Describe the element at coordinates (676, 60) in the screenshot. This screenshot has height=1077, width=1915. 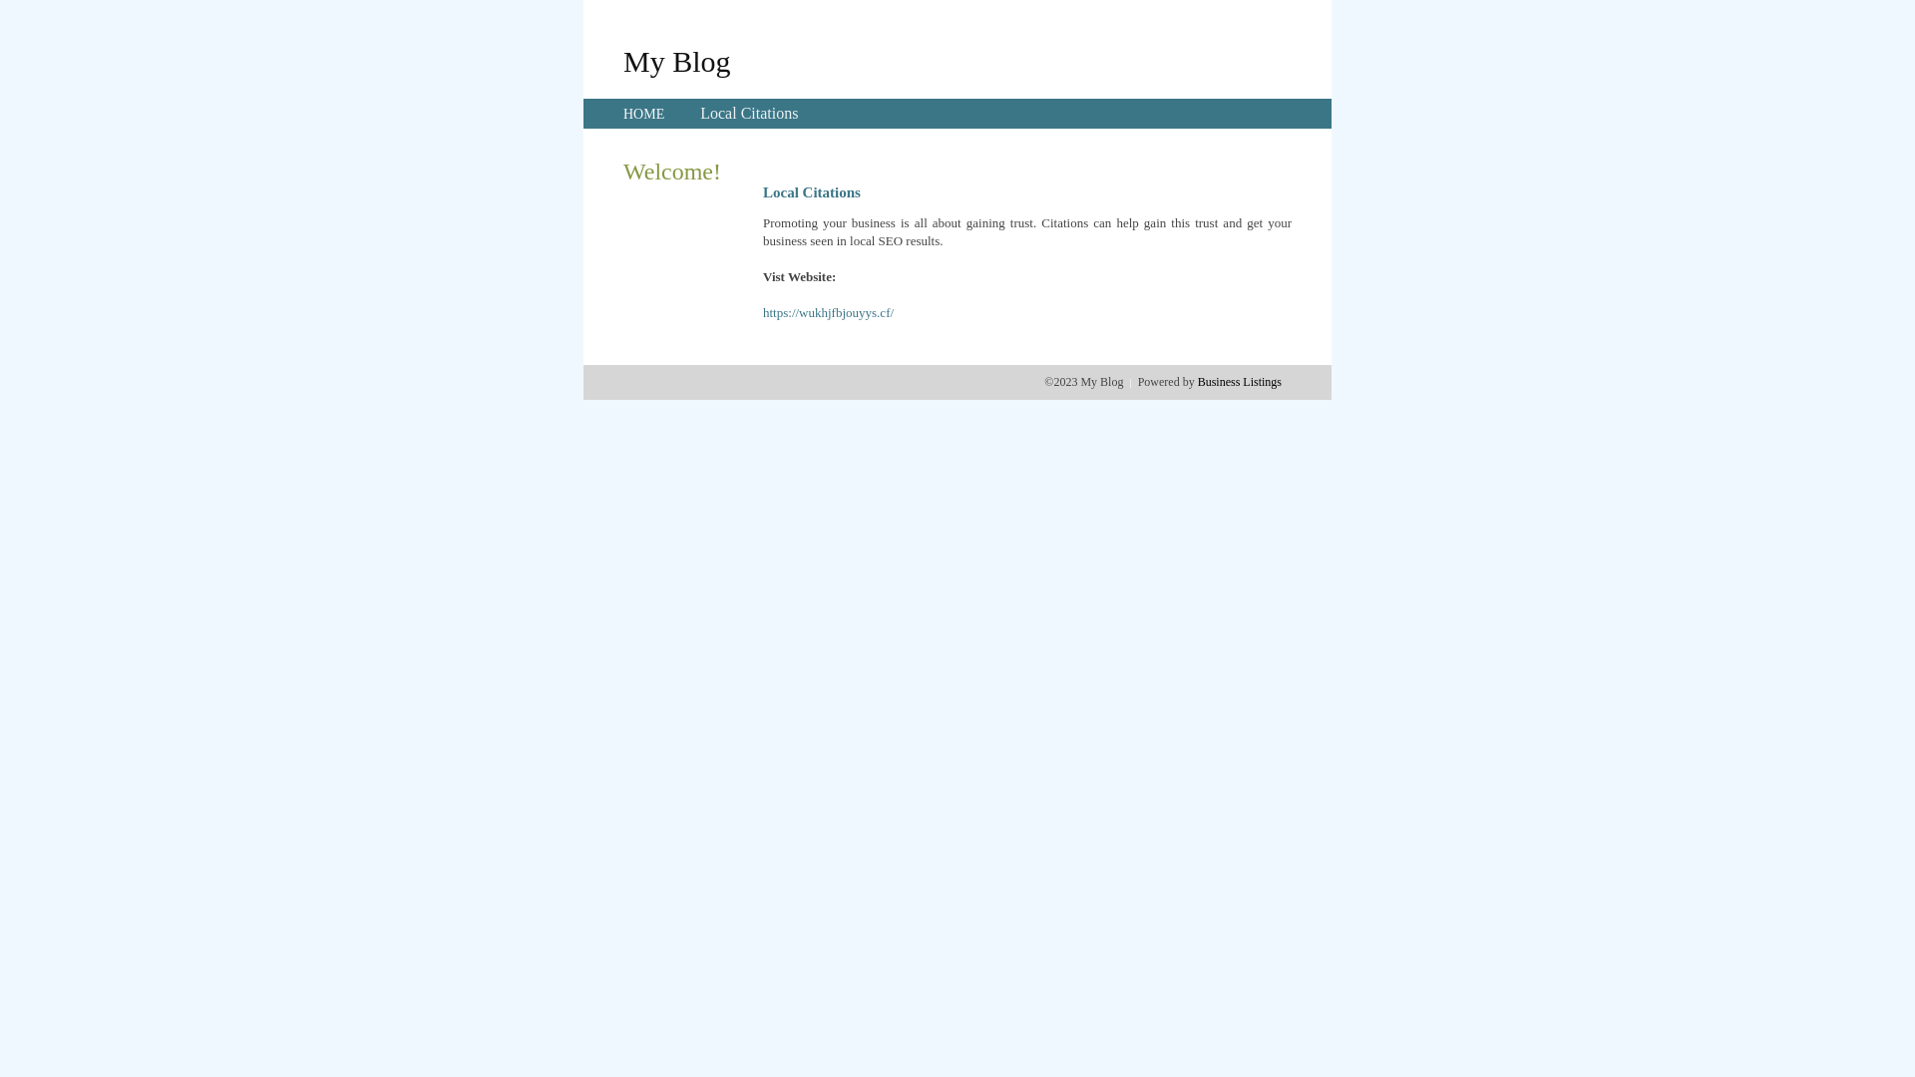
I see `'My Blog'` at that location.